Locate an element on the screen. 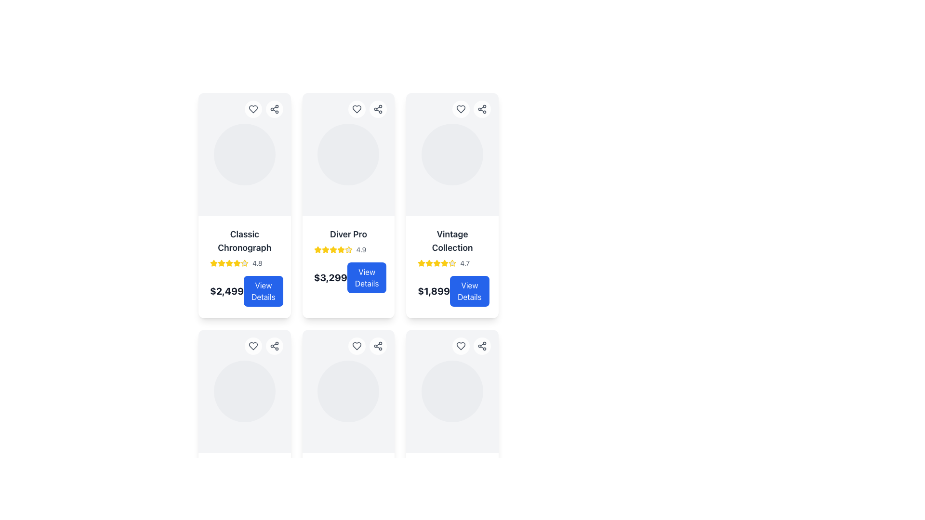  the heart icon located in the top-right corner of the bottom-right product card is located at coordinates (460, 345).